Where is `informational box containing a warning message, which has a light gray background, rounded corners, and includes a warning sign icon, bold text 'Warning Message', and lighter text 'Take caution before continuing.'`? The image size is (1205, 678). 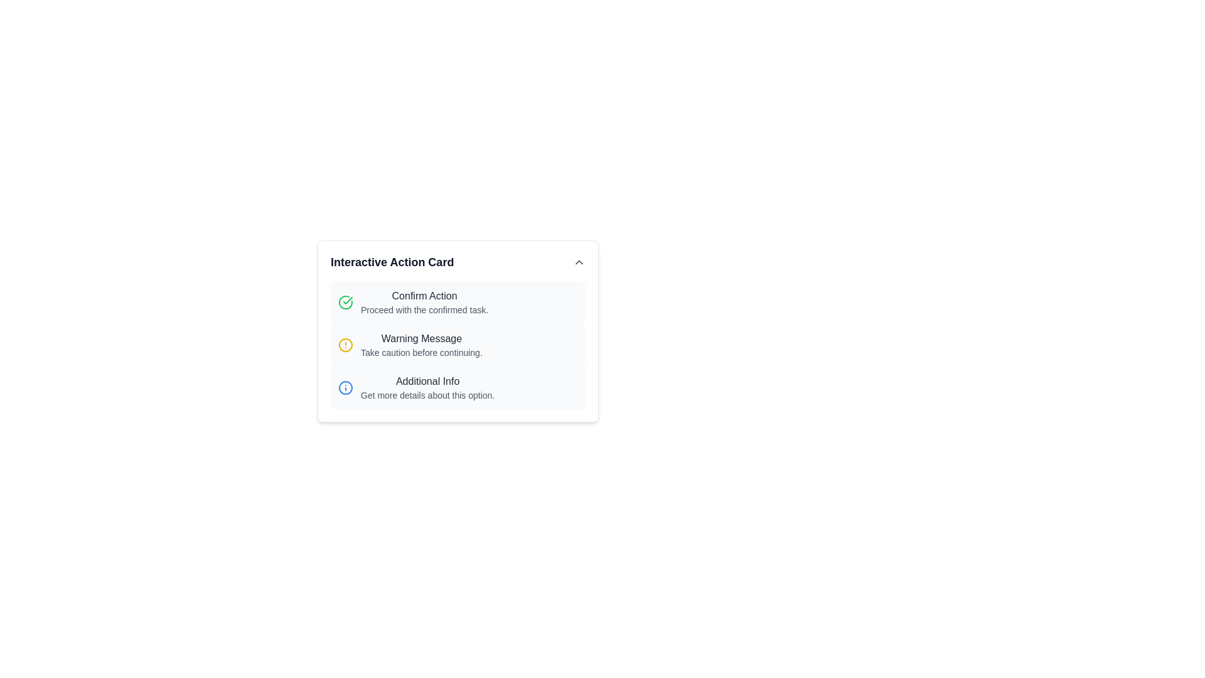
informational box containing a warning message, which has a light gray background, rounded corners, and includes a warning sign icon, bold text 'Warning Message', and lighter text 'Take caution before continuing.' is located at coordinates (457, 345).